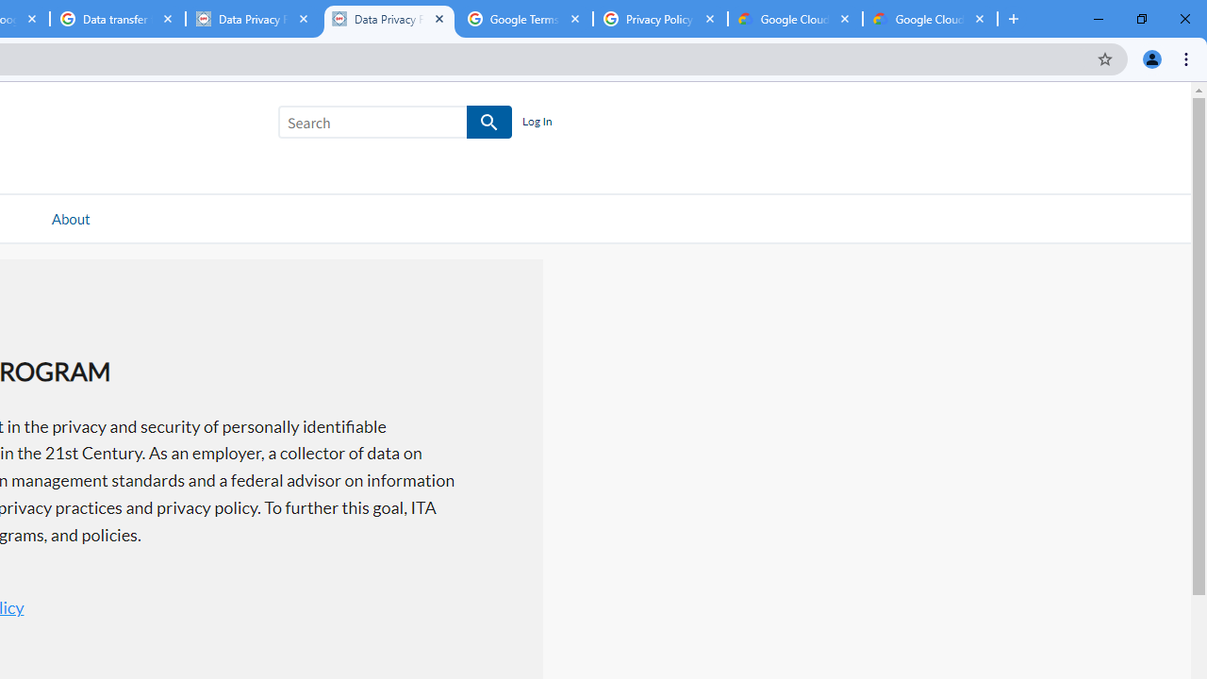  Describe the element at coordinates (795, 19) in the screenshot. I see `'Google Cloud Privacy Notice'` at that location.